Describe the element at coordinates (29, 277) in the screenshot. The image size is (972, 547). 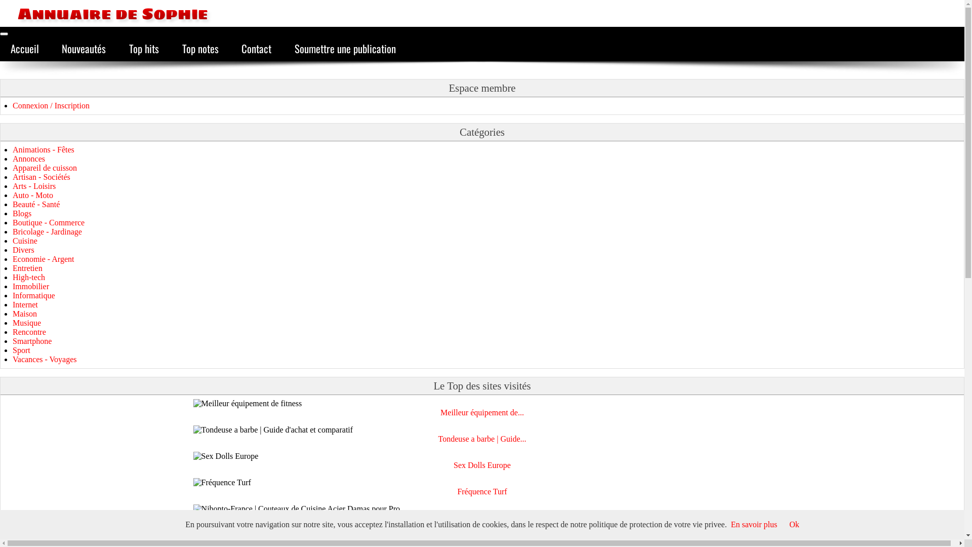
I see `'High-tech'` at that location.